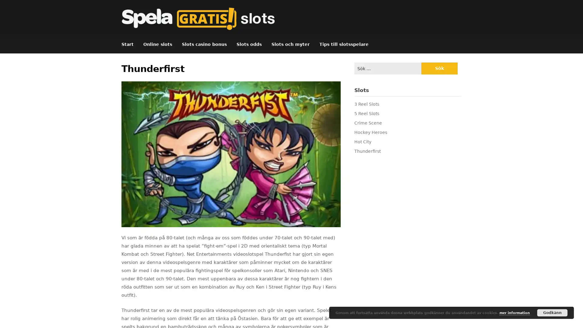 Image resolution: width=583 pixels, height=328 pixels. What do you see at coordinates (552, 313) in the screenshot?
I see `Godkann` at bounding box center [552, 313].